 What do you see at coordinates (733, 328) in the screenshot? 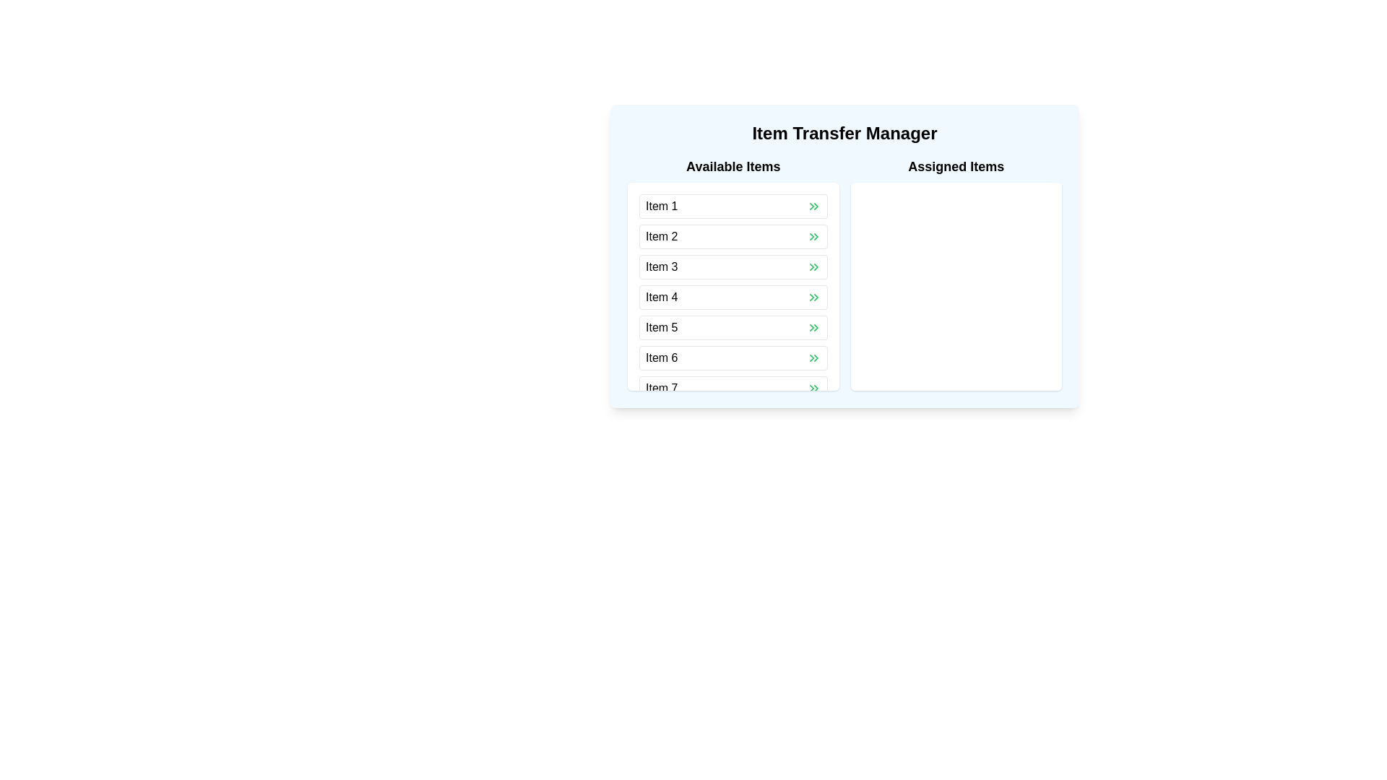
I see `the list item labeled 'Item 5'` at bounding box center [733, 328].